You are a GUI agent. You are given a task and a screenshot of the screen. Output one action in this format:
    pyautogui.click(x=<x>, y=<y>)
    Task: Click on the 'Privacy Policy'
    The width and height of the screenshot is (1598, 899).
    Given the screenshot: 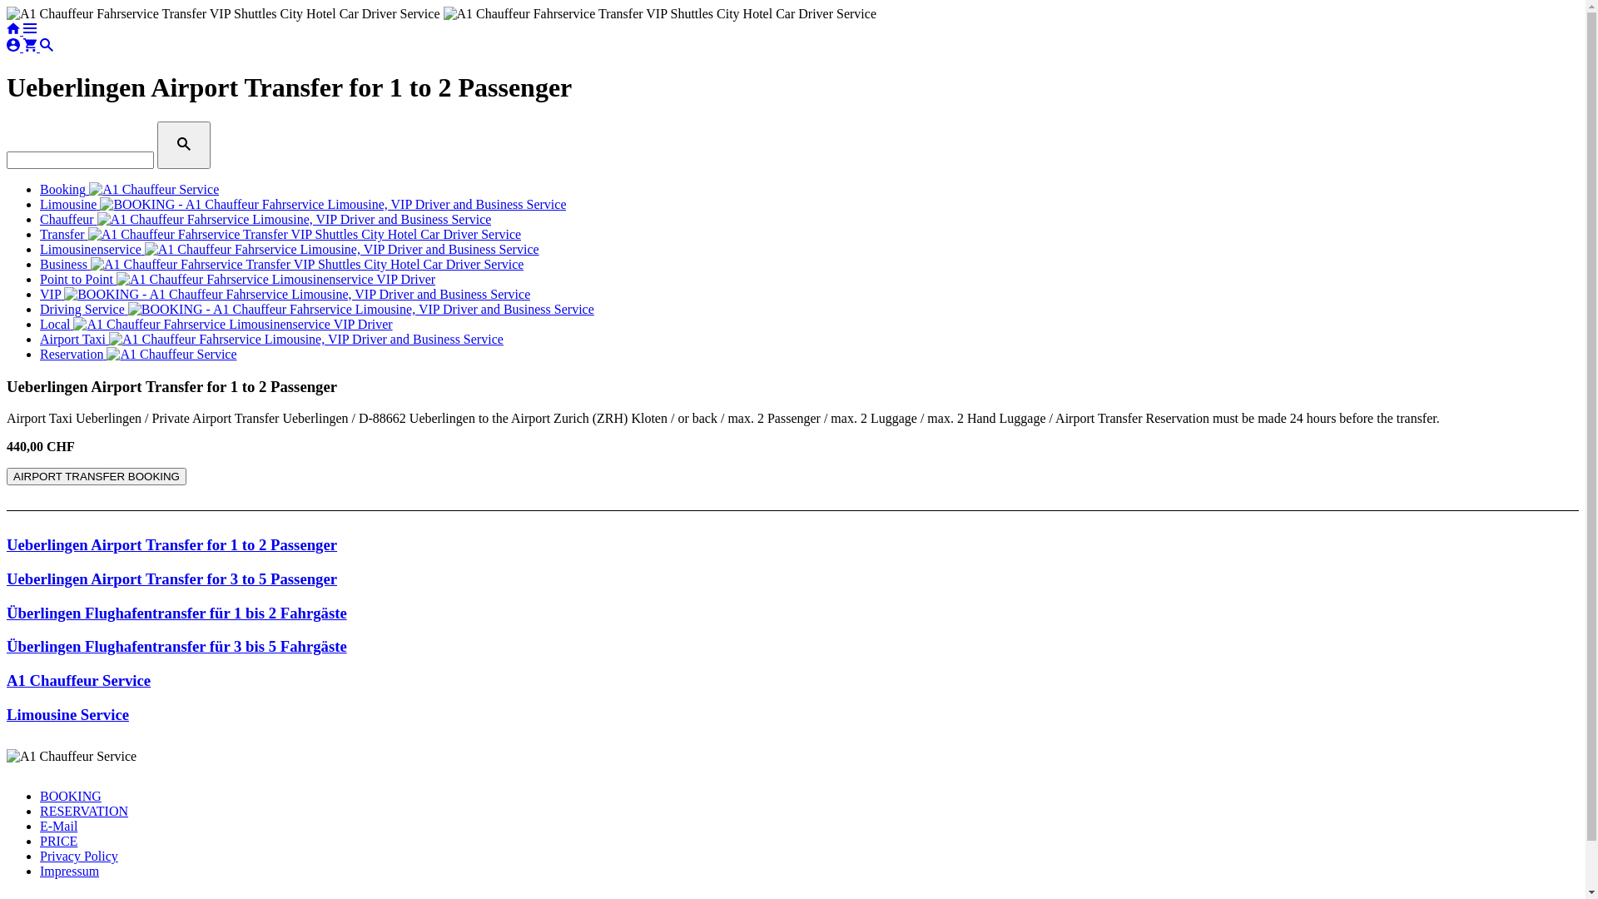 What is the action you would take?
    pyautogui.click(x=78, y=856)
    